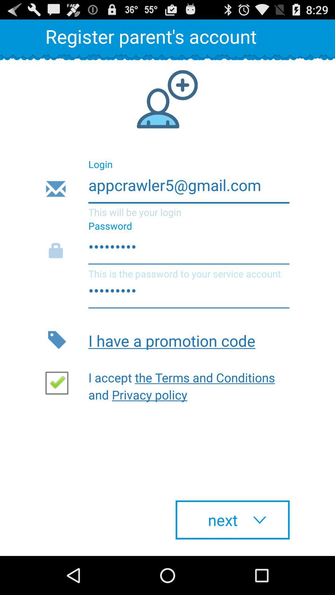 The width and height of the screenshot is (335, 595). What do you see at coordinates (167, 189) in the screenshot?
I see `the appcrawler5@gmail.com item` at bounding box center [167, 189].